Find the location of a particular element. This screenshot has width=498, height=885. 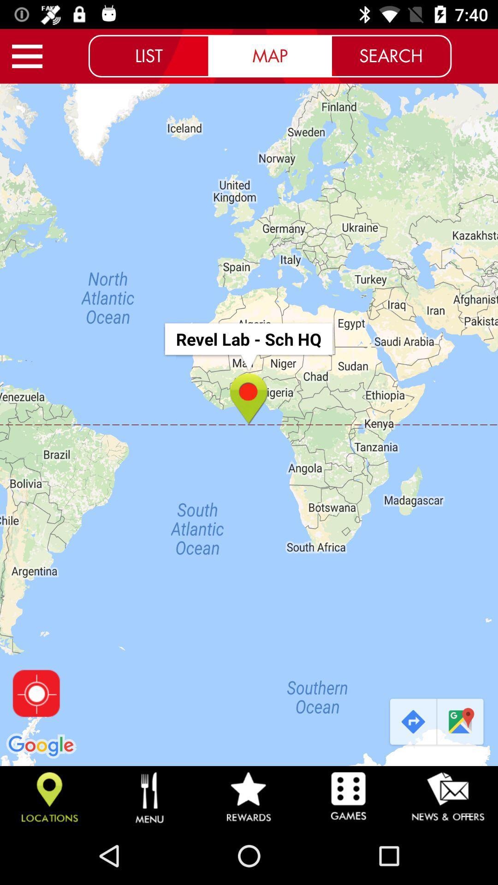

the menu icon is located at coordinates (27, 56).